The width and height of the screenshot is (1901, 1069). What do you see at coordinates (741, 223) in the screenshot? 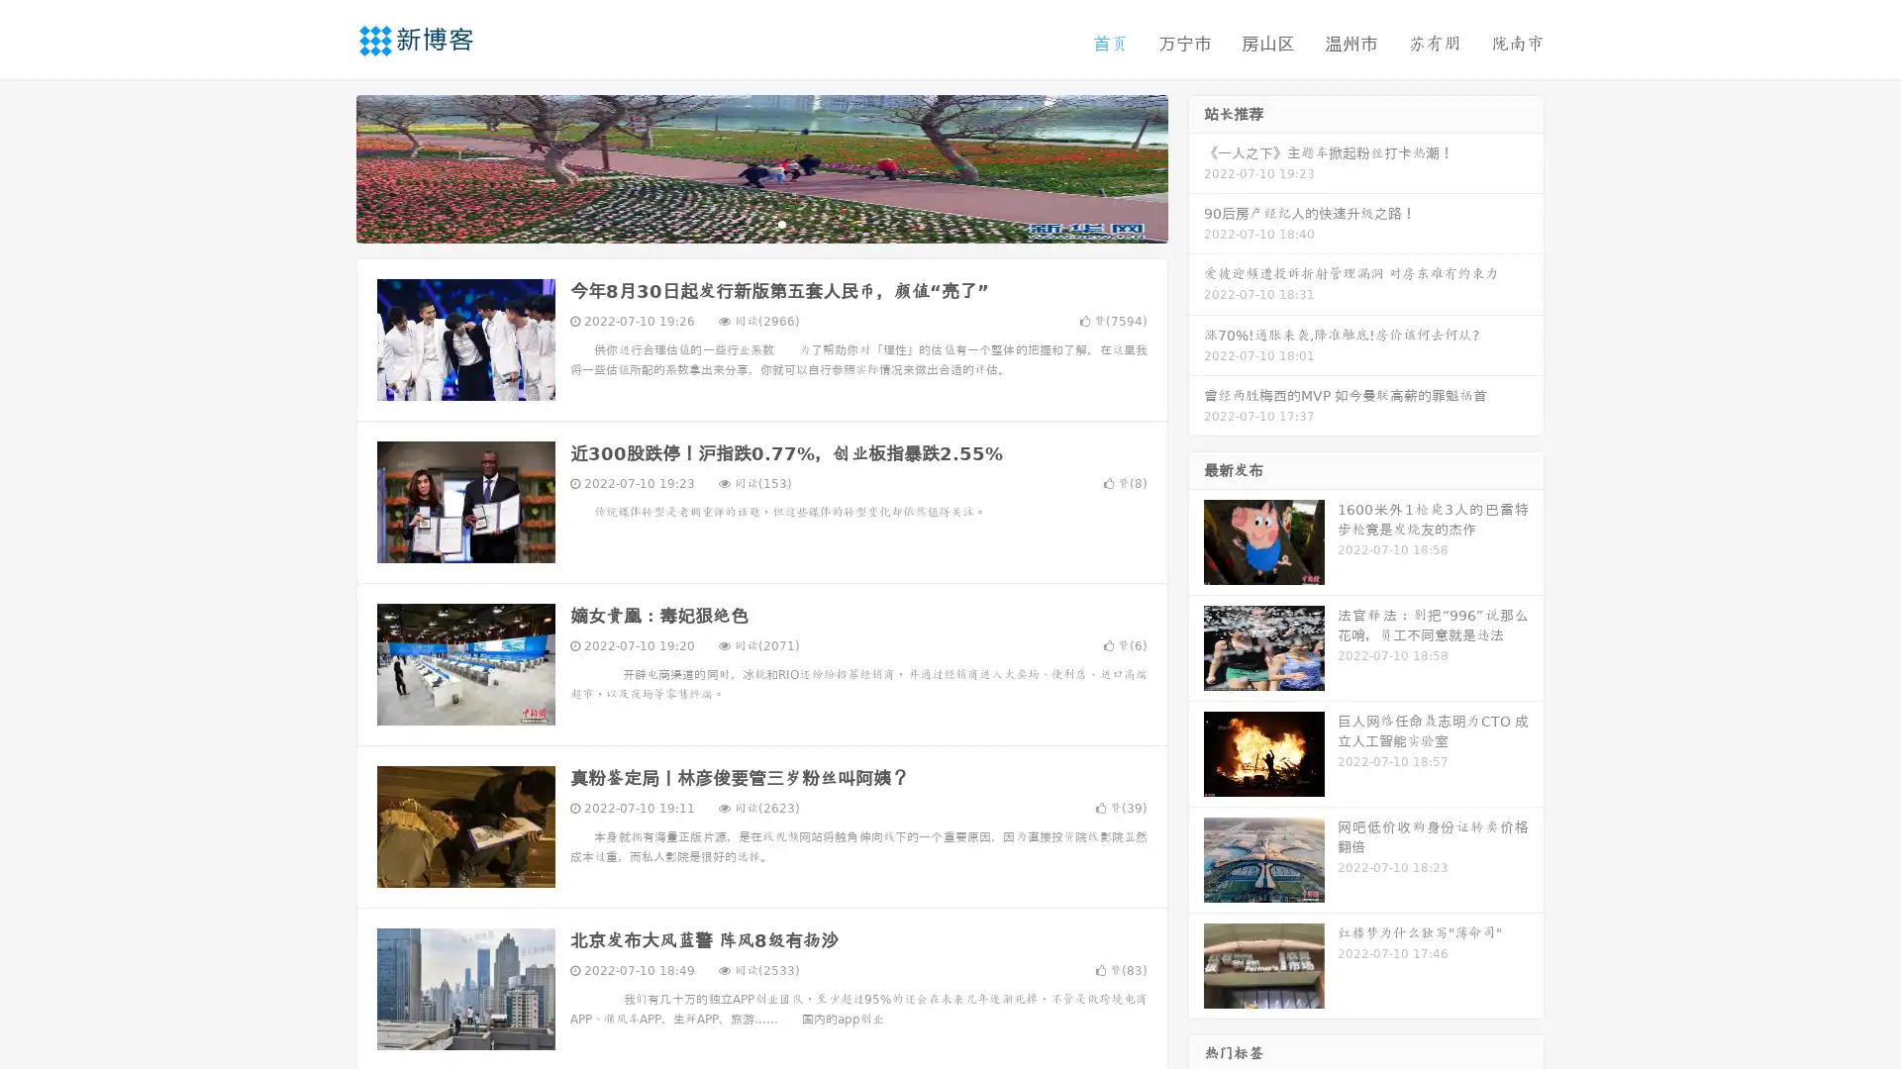
I see `Go to slide 1` at bounding box center [741, 223].